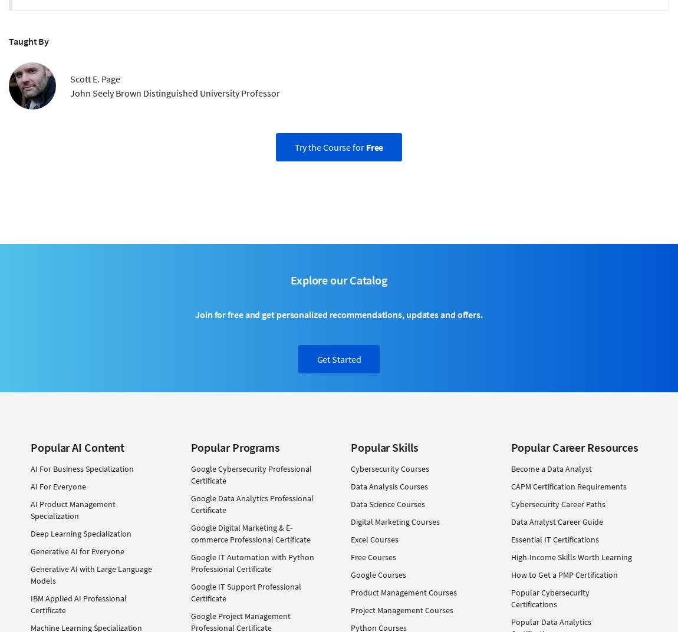 Image resolution: width=678 pixels, height=632 pixels. Describe the element at coordinates (252, 561) in the screenshot. I see `'Google IT Automation with Python Professional Certificate'` at that location.